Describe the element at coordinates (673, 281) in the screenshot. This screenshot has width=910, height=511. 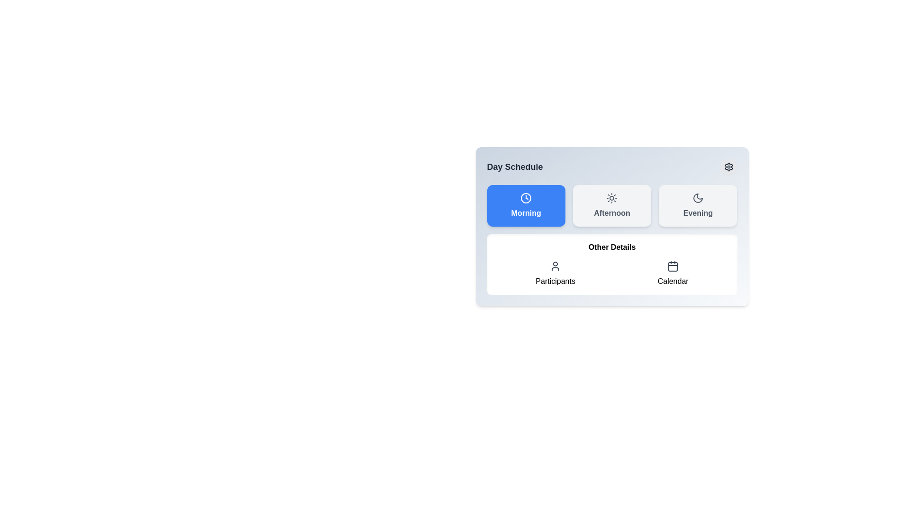
I see `the text label that indicates and associates with the calendar icon, positioned below it and to the right of the 'Participants' section in the 'Other Details' section` at that location.